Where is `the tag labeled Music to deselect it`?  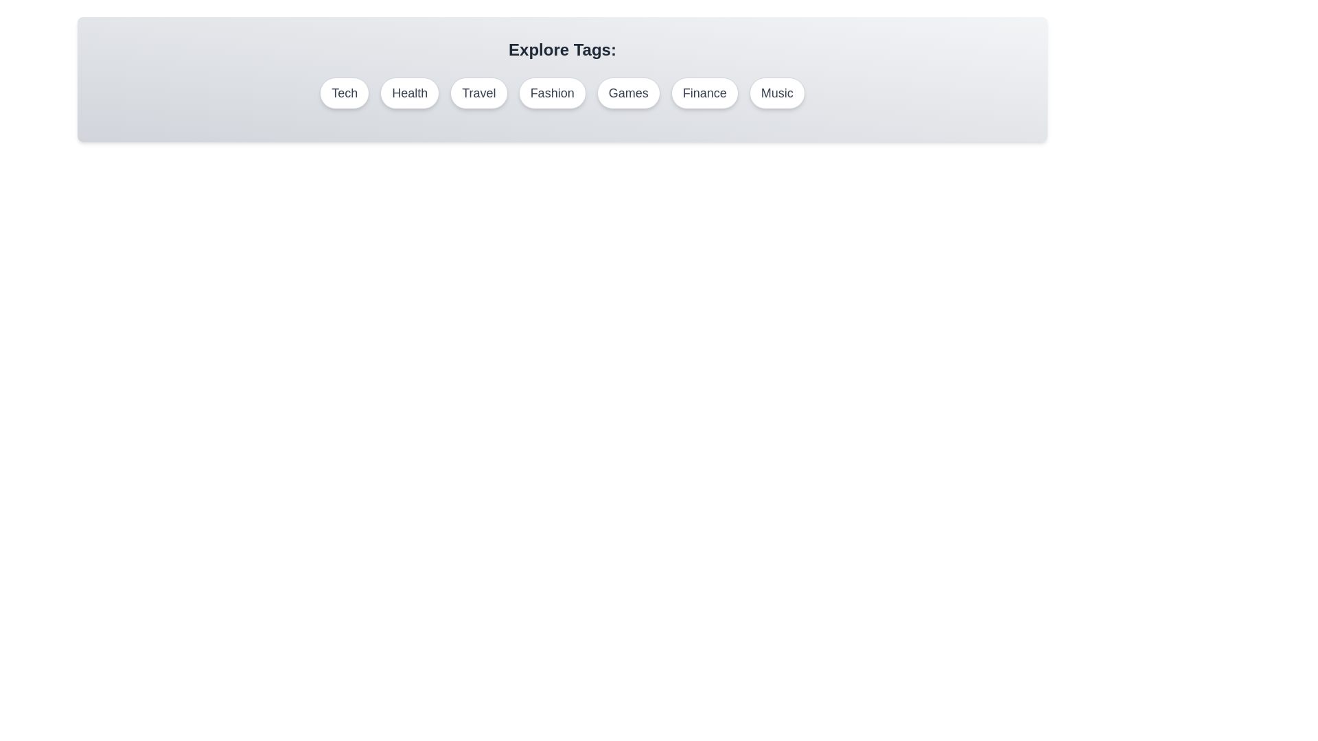 the tag labeled Music to deselect it is located at coordinates (777, 93).